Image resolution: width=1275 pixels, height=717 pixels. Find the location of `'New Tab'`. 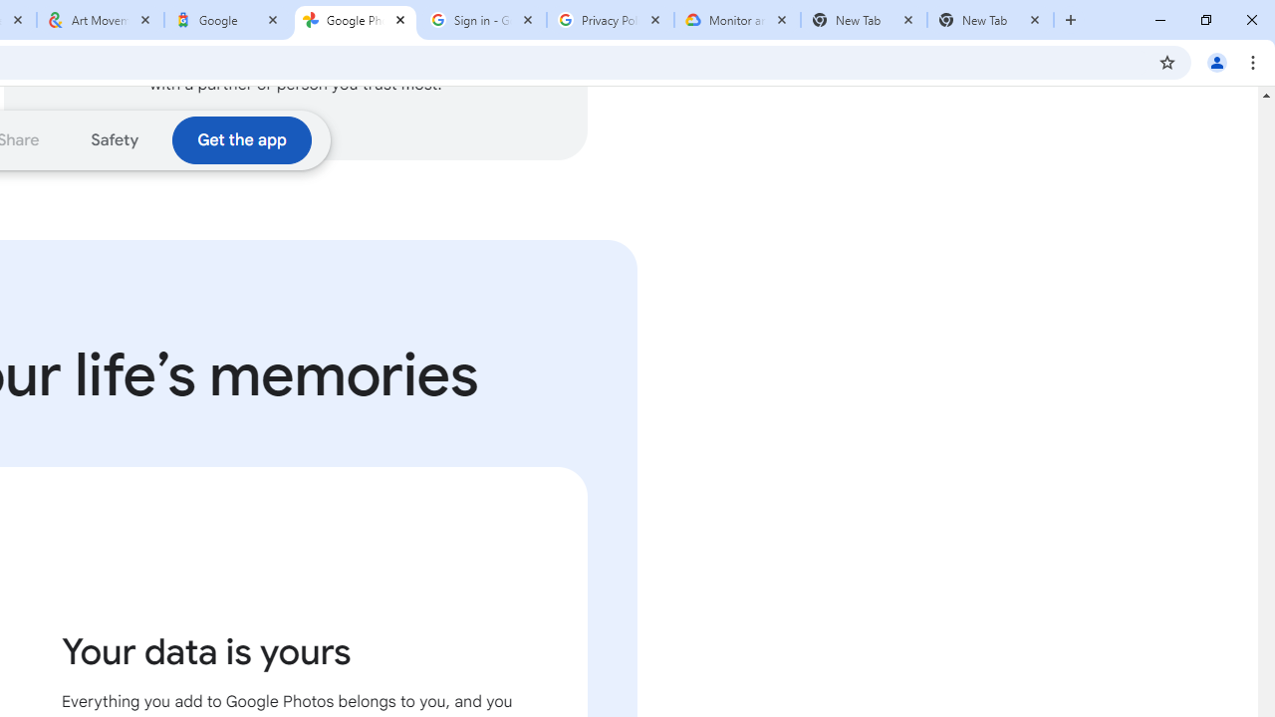

'New Tab' is located at coordinates (990, 20).